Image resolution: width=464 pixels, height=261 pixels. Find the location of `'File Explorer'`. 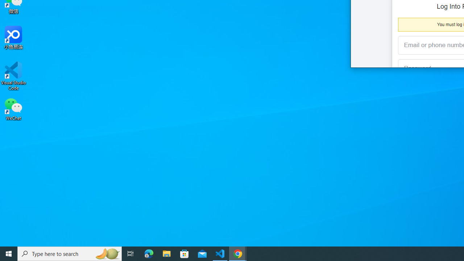

'File Explorer' is located at coordinates (166, 253).